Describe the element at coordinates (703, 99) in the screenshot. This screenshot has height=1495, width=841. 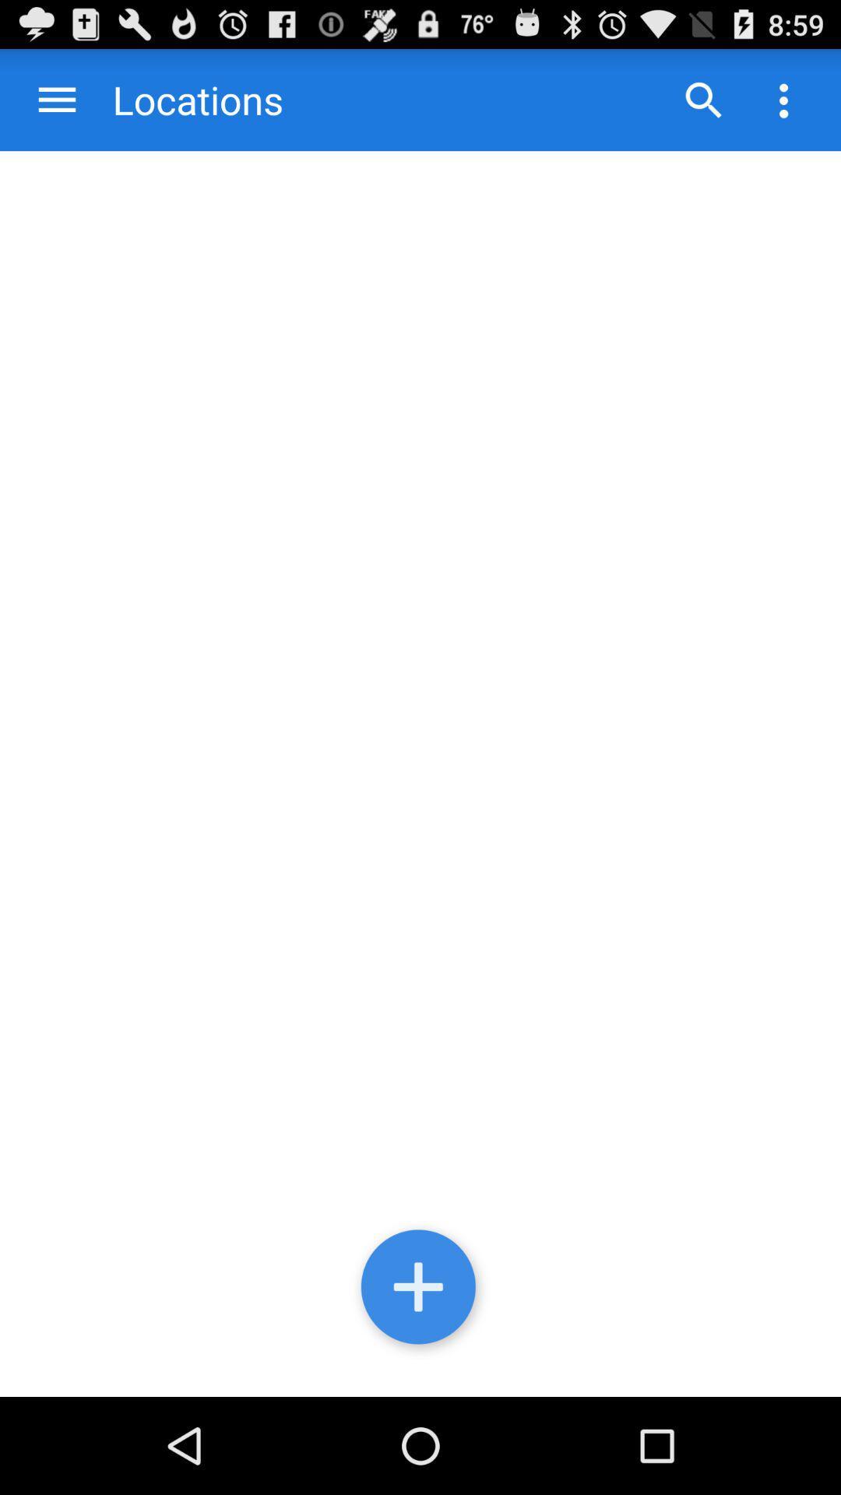
I see `search` at that location.